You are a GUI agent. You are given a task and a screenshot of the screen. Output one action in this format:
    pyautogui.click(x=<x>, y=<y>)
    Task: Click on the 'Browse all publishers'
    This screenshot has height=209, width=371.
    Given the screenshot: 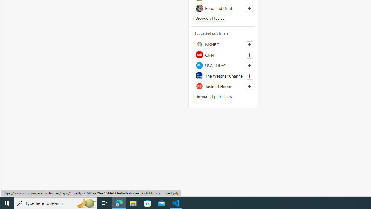 What is the action you would take?
    pyautogui.click(x=213, y=96)
    